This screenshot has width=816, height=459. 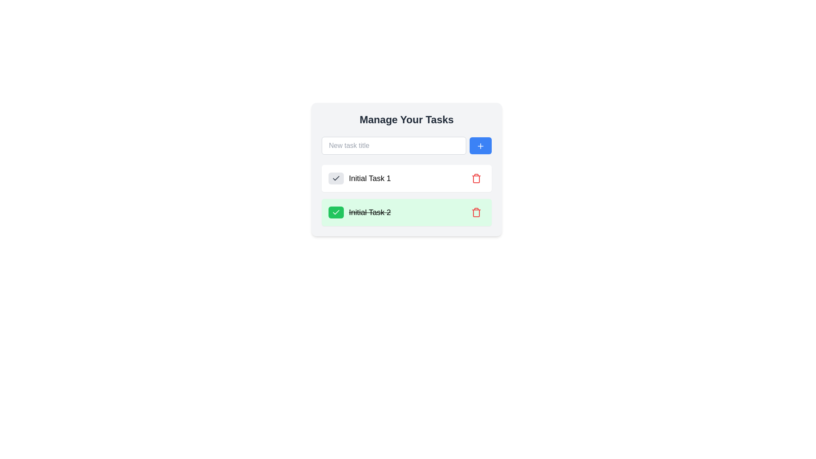 What do you see at coordinates (360, 178) in the screenshot?
I see `the static text label that serves as the title of the task, located in the 'Manage Your Tasks' section next to the checkbox icon` at bounding box center [360, 178].